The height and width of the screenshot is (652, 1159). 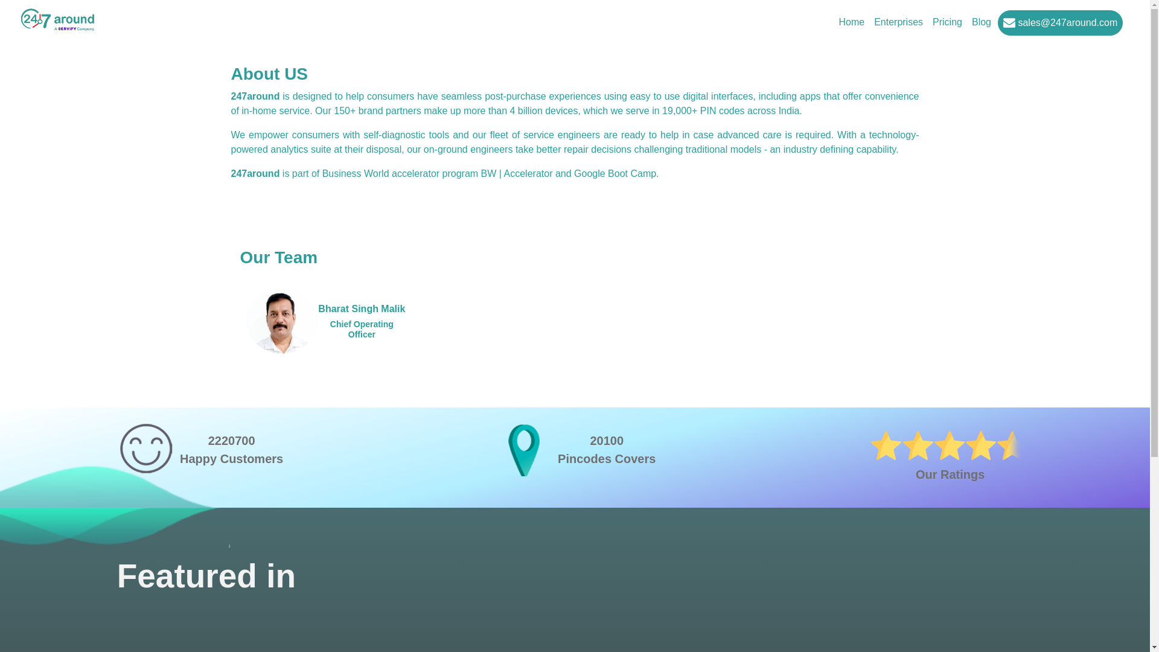 What do you see at coordinates (517, 173) in the screenshot?
I see `'BW | Accelerator'` at bounding box center [517, 173].